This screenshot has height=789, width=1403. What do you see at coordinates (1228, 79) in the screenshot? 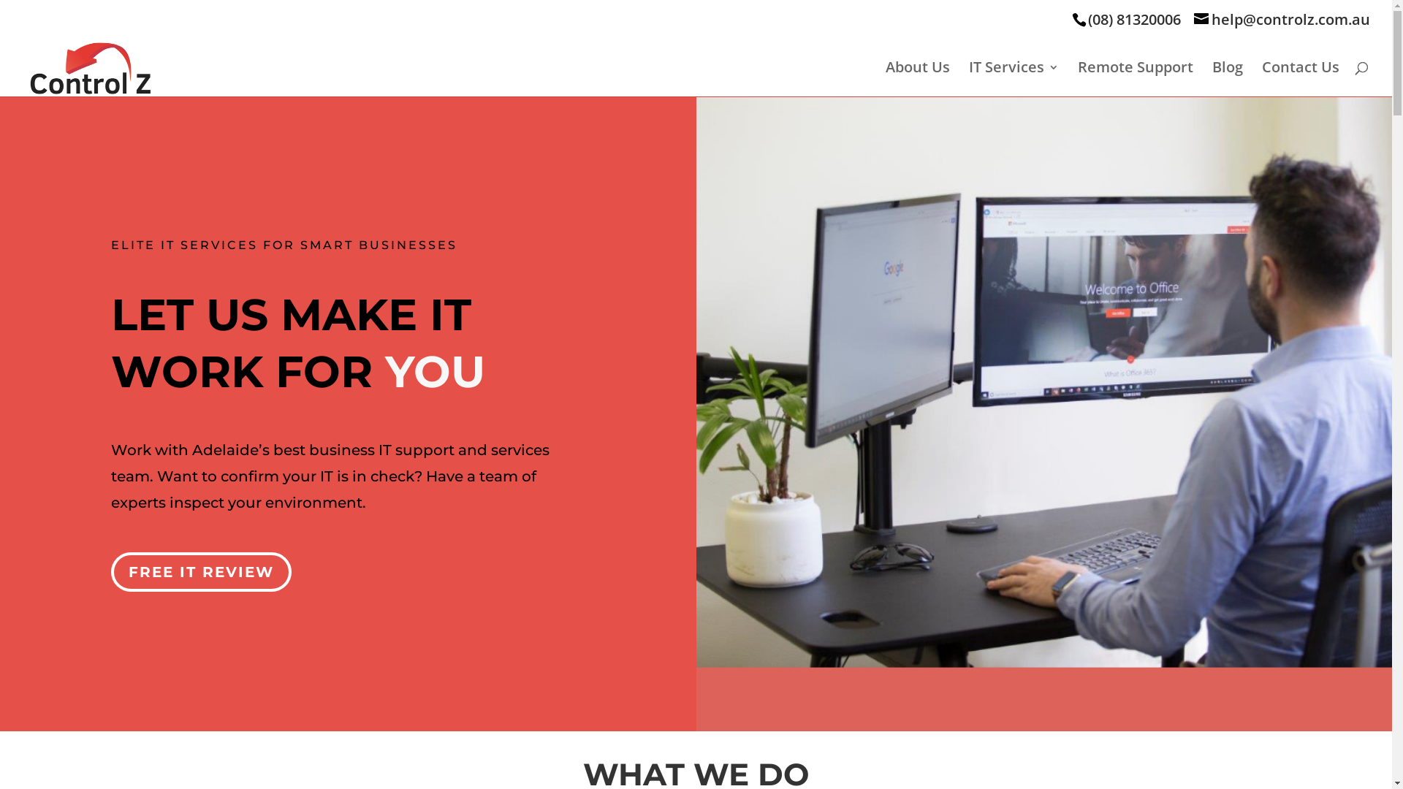
I see `'Blog'` at bounding box center [1228, 79].